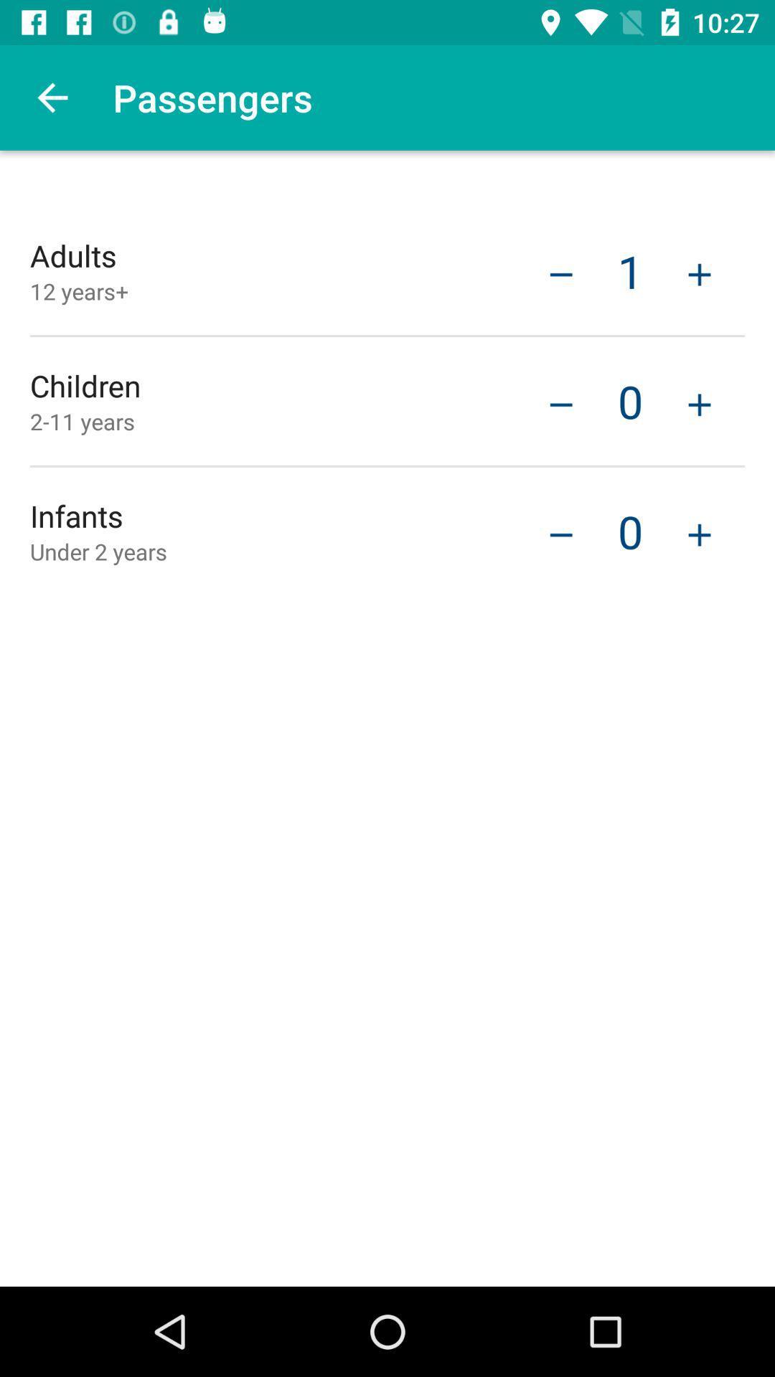 The height and width of the screenshot is (1377, 775). What do you see at coordinates (560, 402) in the screenshot?
I see `the icon to the right of children item` at bounding box center [560, 402].